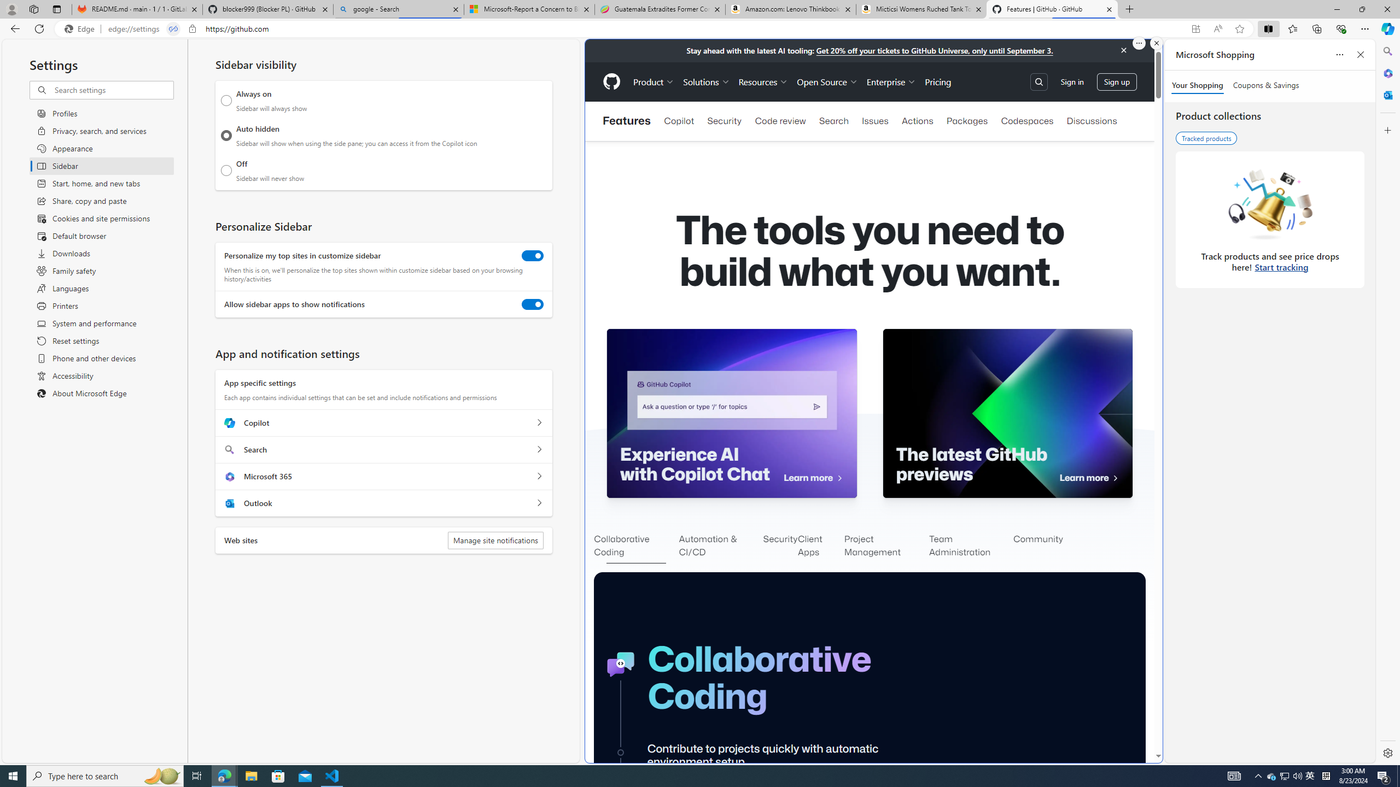  Describe the element at coordinates (938, 81) in the screenshot. I see `'Pricing'` at that location.